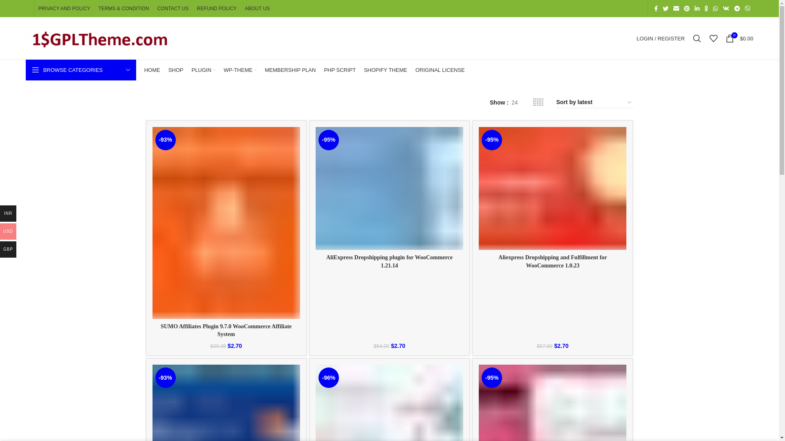  Describe the element at coordinates (157, 8) in the screenshot. I see `'CONTACT US'` at that location.